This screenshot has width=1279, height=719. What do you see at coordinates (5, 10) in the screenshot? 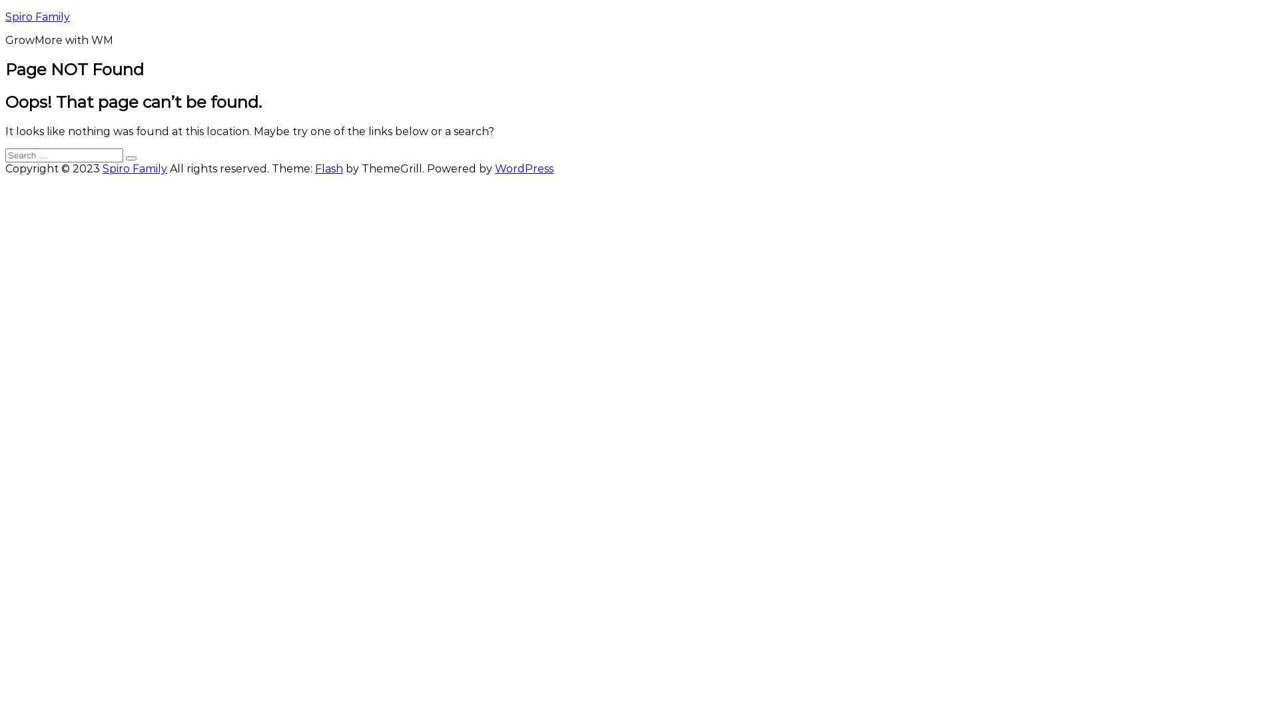
I see `'Skip to content'` at bounding box center [5, 10].